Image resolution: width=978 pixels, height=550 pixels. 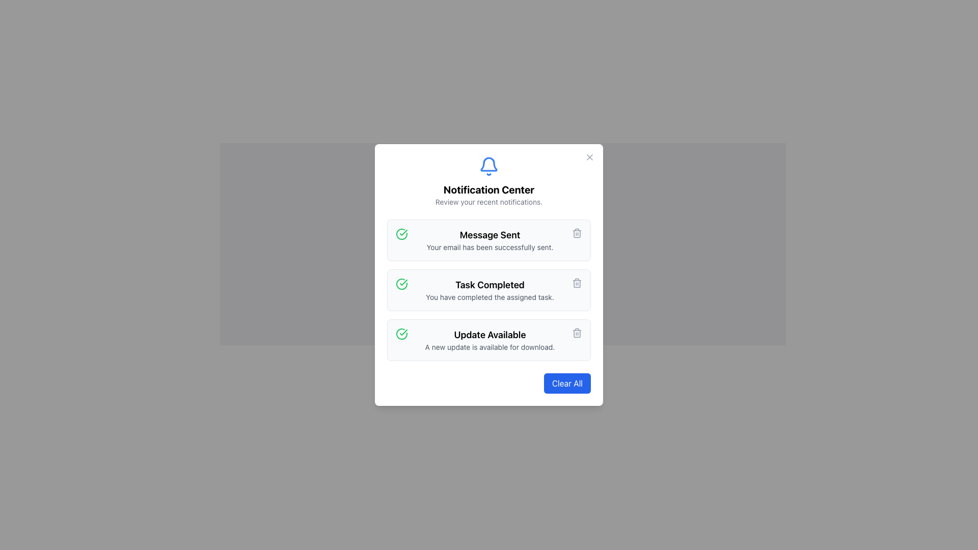 I want to click on the first notification card that indicates an email has been successfully sent, located at the top of the notification card list, so click(x=490, y=240).